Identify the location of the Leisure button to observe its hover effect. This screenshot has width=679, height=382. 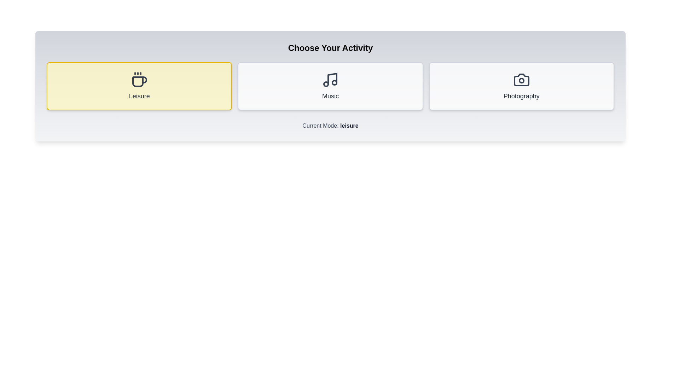
(139, 86).